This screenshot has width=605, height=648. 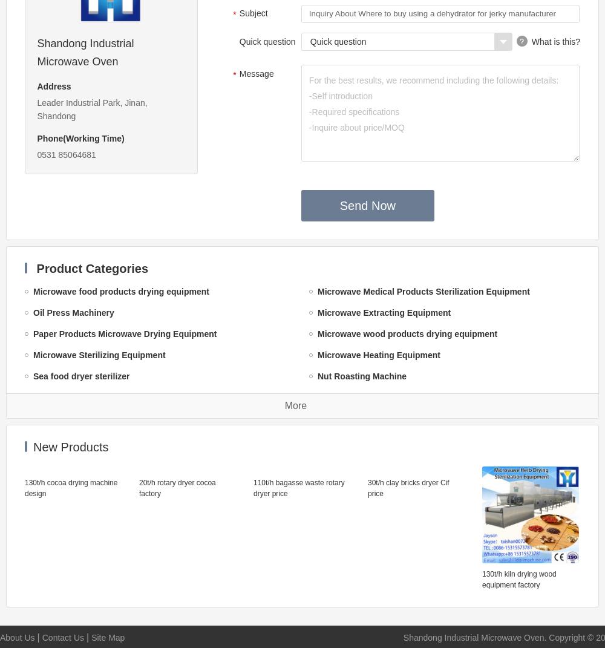 I want to click on 'Sea food dryer sterilizer', so click(x=81, y=376).